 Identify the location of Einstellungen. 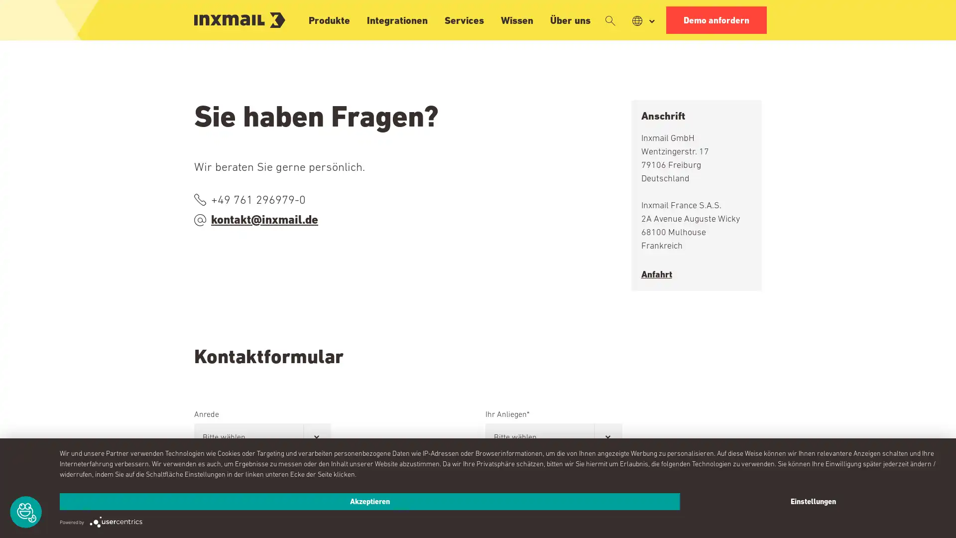
(813, 501).